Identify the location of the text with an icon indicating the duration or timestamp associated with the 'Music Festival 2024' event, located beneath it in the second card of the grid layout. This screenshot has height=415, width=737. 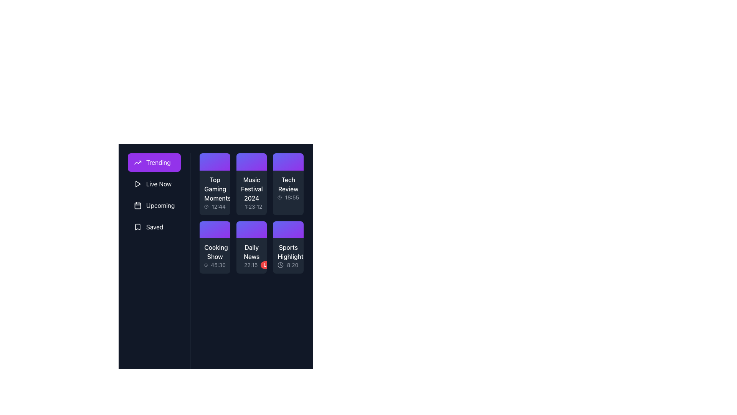
(251, 206).